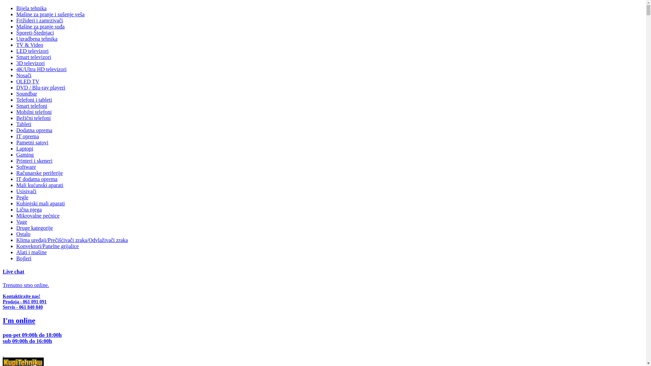 The image size is (651, 366). What do you see at coordinates (16, 57) in the screenshot?
I see `'Smart televizori'` at bounding box center [16, 57].